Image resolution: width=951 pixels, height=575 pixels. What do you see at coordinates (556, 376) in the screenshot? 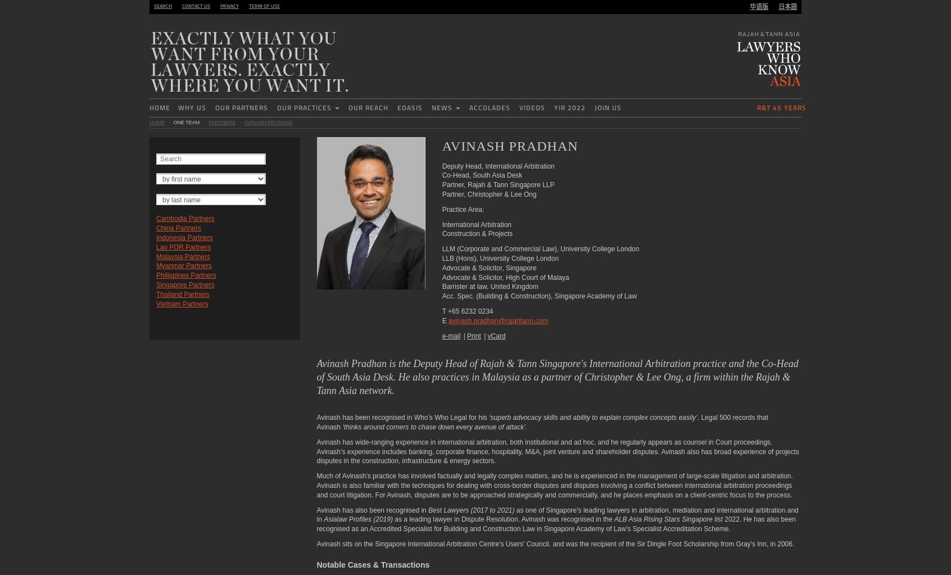
I see `'Avinash Pradhan is the Deputy Head of Rajah & Tann Singapore's International Arbitration practice and the Co-Head of South Asia Desk. He also practices in Malaysia as a partner of Christopher & Lee Ong, a firm within the Rajah & Tann Asia network.'` at bounding box center [556, 376].